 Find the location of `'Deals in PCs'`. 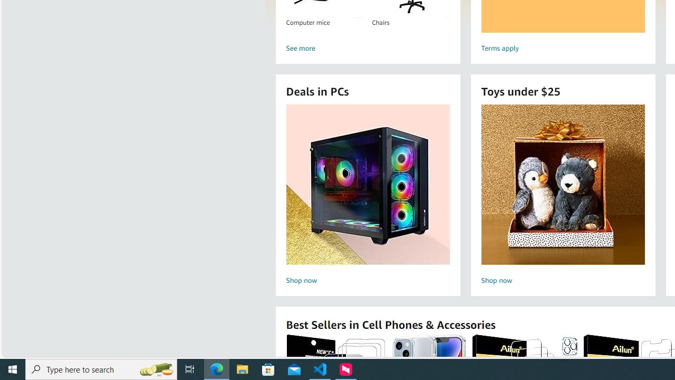

'Deals in PCs' is located at coordinates (368, 184).